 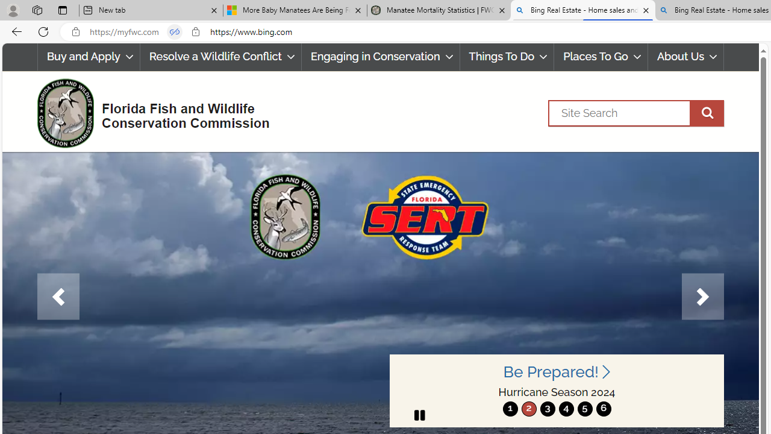 What do you see at coordinates (380, 57) in the screenshot?
I see `'Engaging in Conservation'` at bounding box center [380, 57].